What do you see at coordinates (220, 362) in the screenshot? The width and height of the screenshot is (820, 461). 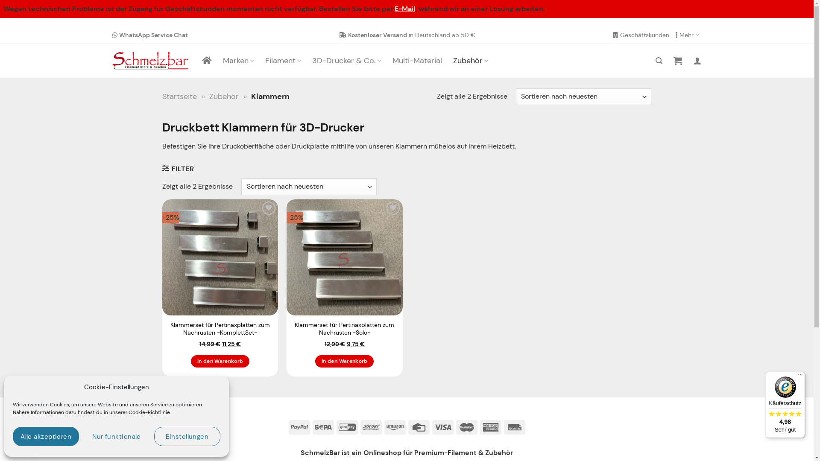 I see `'In den Warenkorb'` at bounding box center [220, 362].